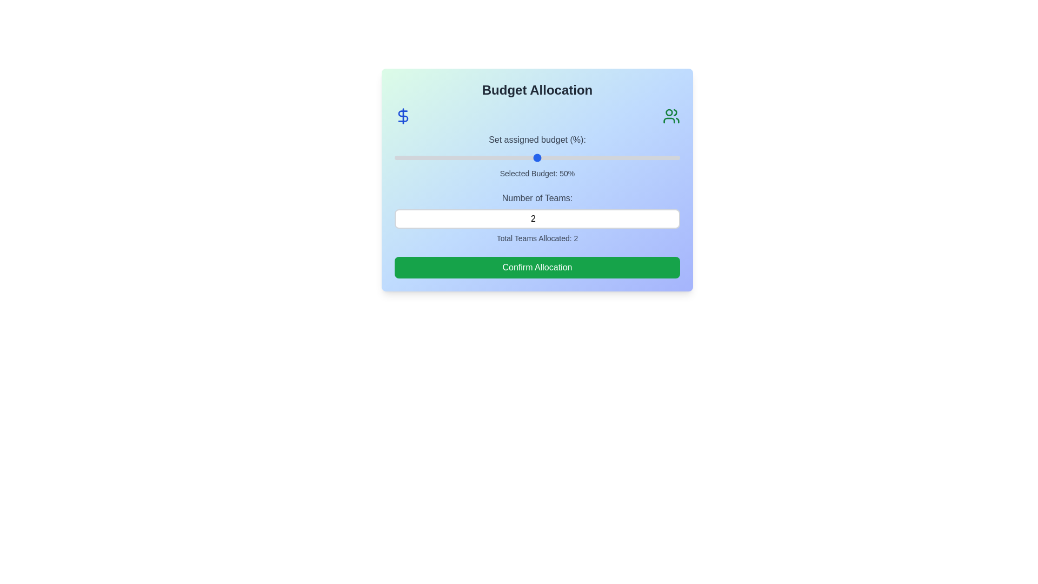 This screenshot has height=584, width=1038. I want to click on the dollar icon to trigger its associated functionality, so click(402, 116).